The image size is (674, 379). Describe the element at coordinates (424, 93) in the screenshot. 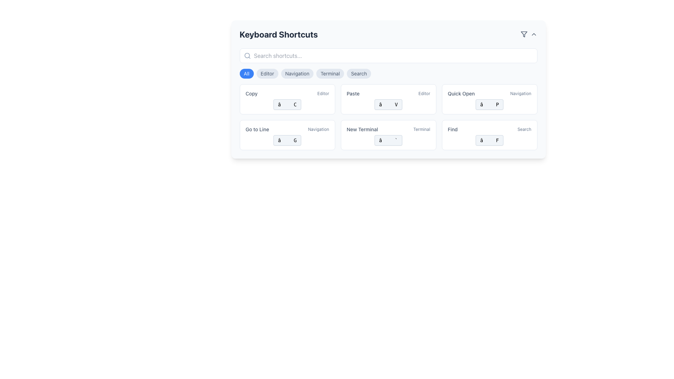

I see `the text label displaying 'Editor', which is styled in gray and located adjacent to the word 'Paste' in the top-middle section of the interface` at that location.